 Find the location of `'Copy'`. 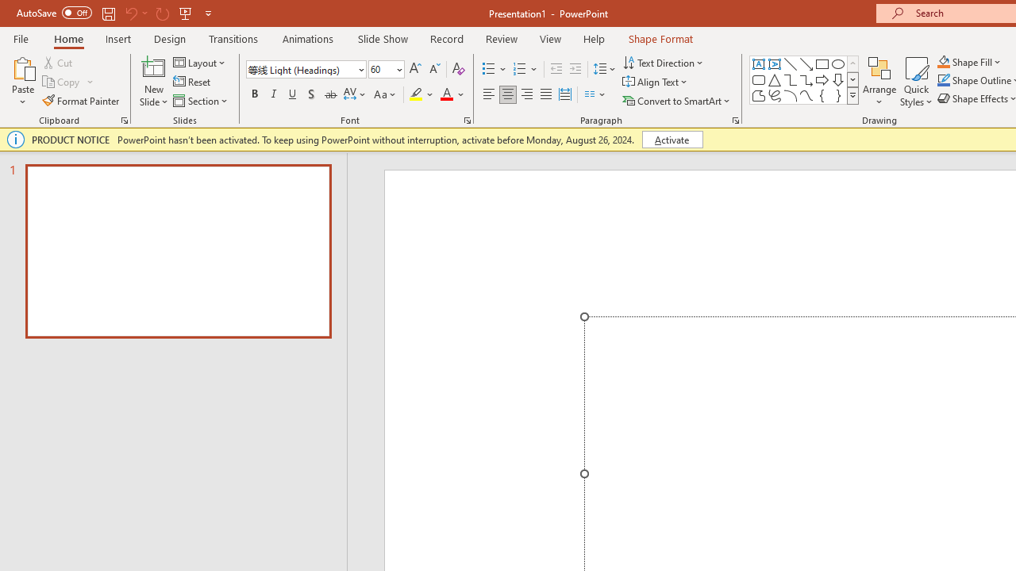

'Copy' is located at coordinates (62, 82).